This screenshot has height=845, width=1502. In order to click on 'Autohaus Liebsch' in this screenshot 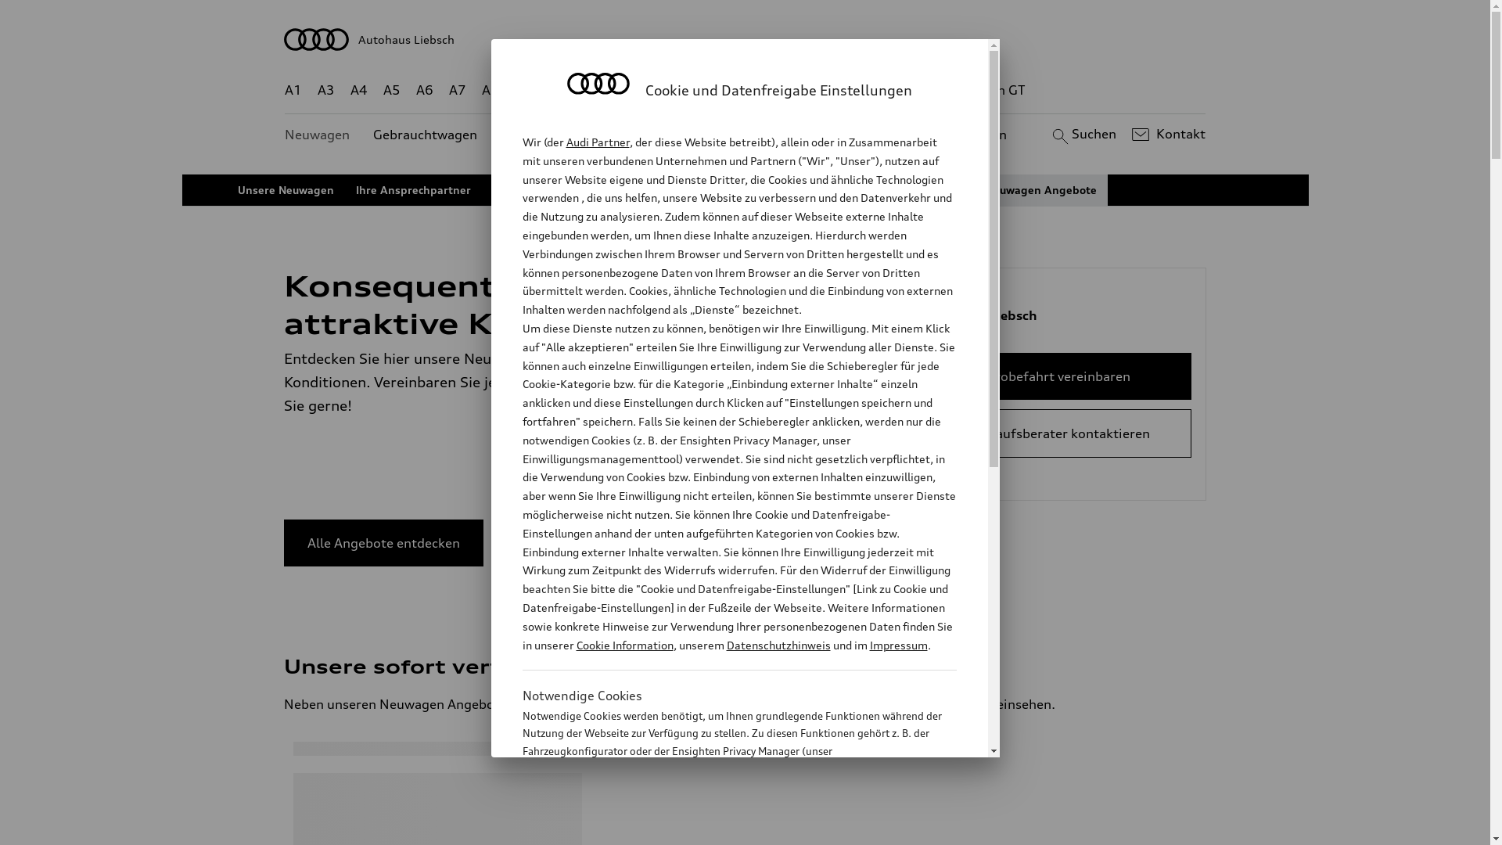, I will do `click(284, 38)`.